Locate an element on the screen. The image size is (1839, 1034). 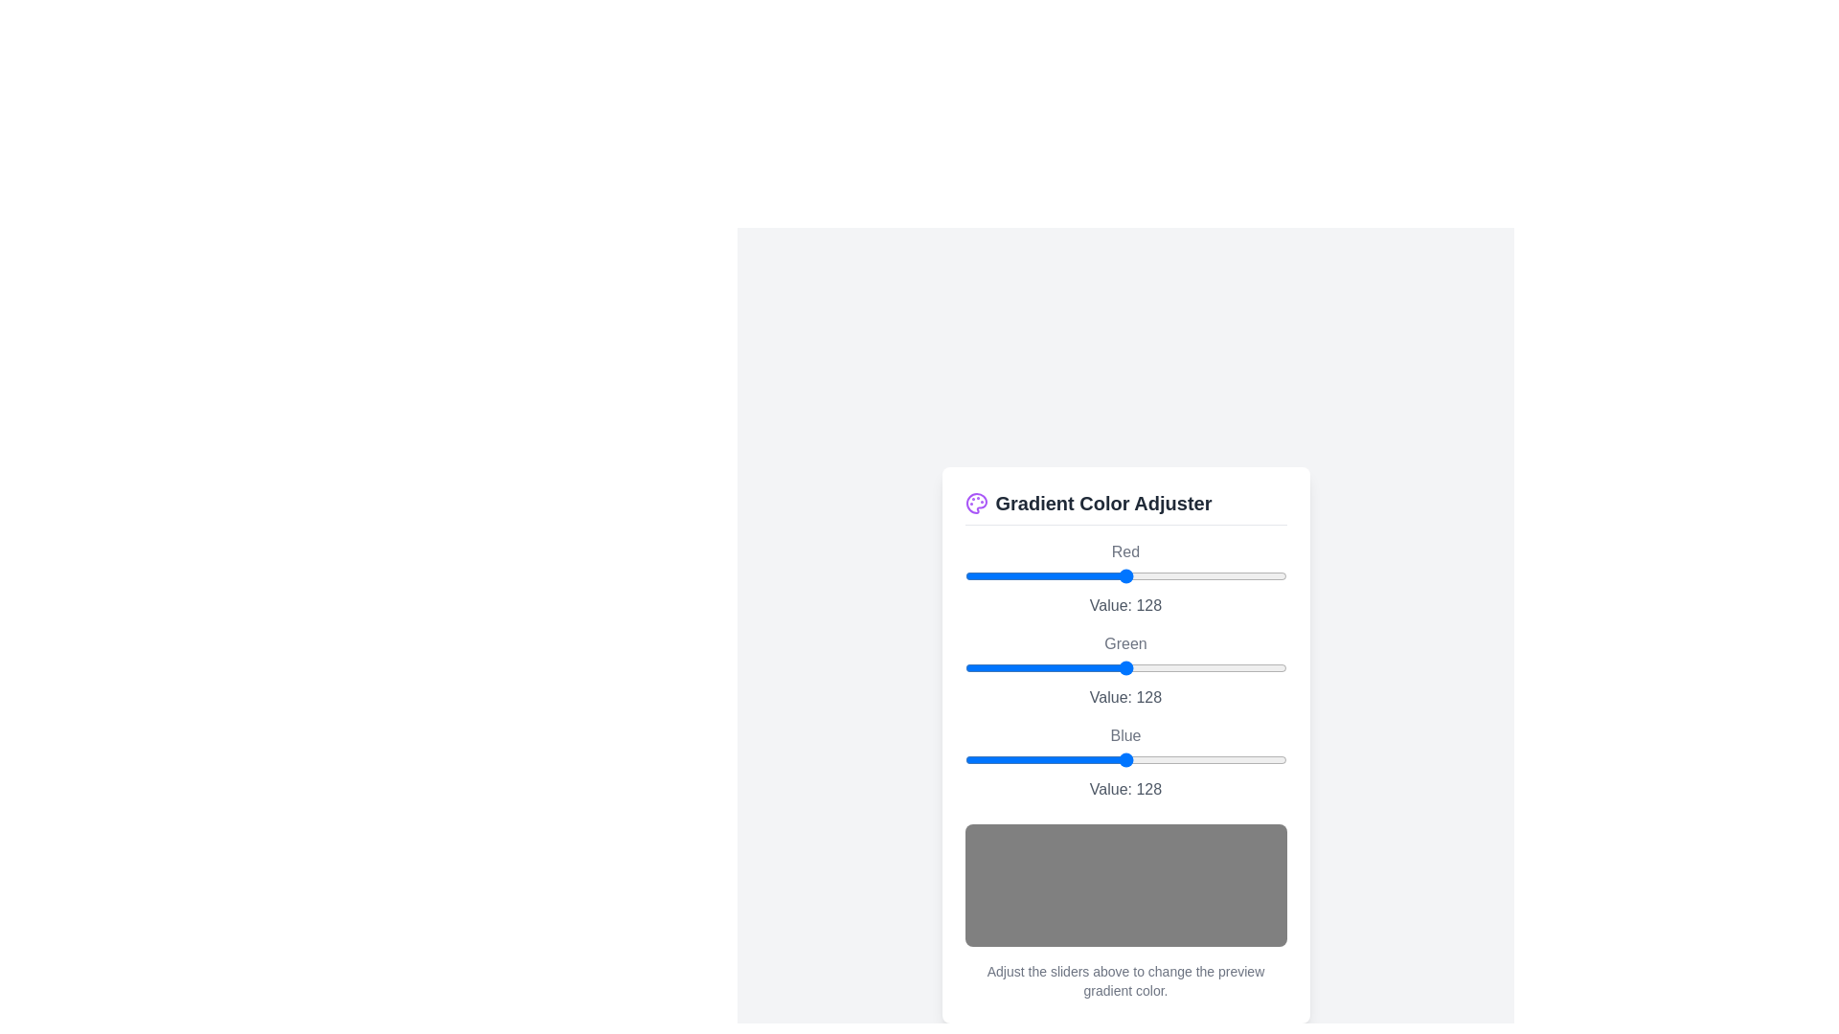
the green slider to 214 is located at coordinates (1235, 666).